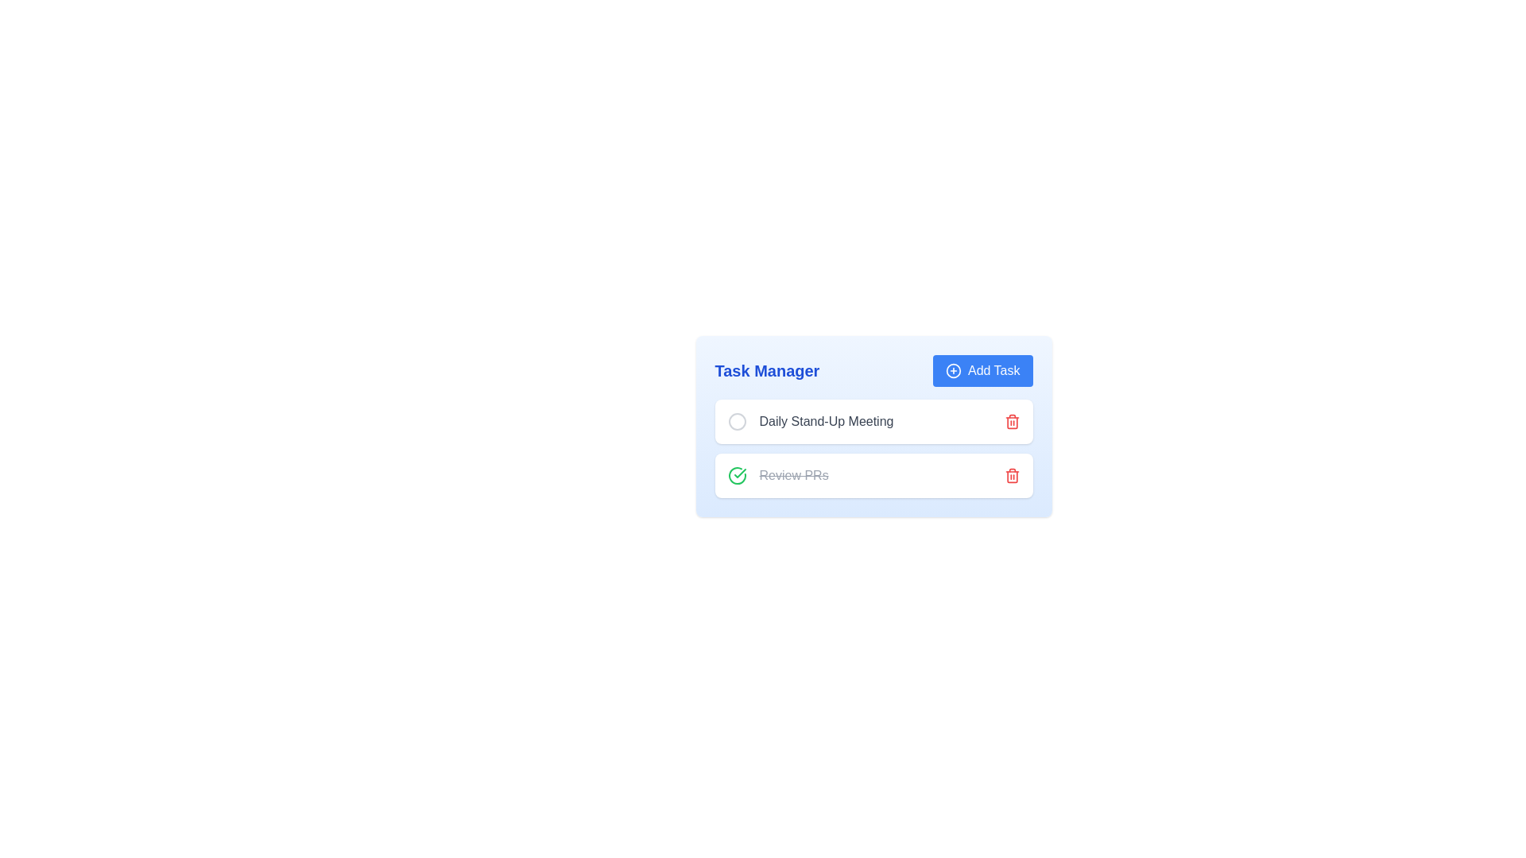  Describe the element at coordinates (736, 474) in the screenshot. I see `the green circular graphic icon with a checkmark that indicates a completed status, located in the task bar under the 'Task Manager' title, next to the 'Review PRs' task` at that location.